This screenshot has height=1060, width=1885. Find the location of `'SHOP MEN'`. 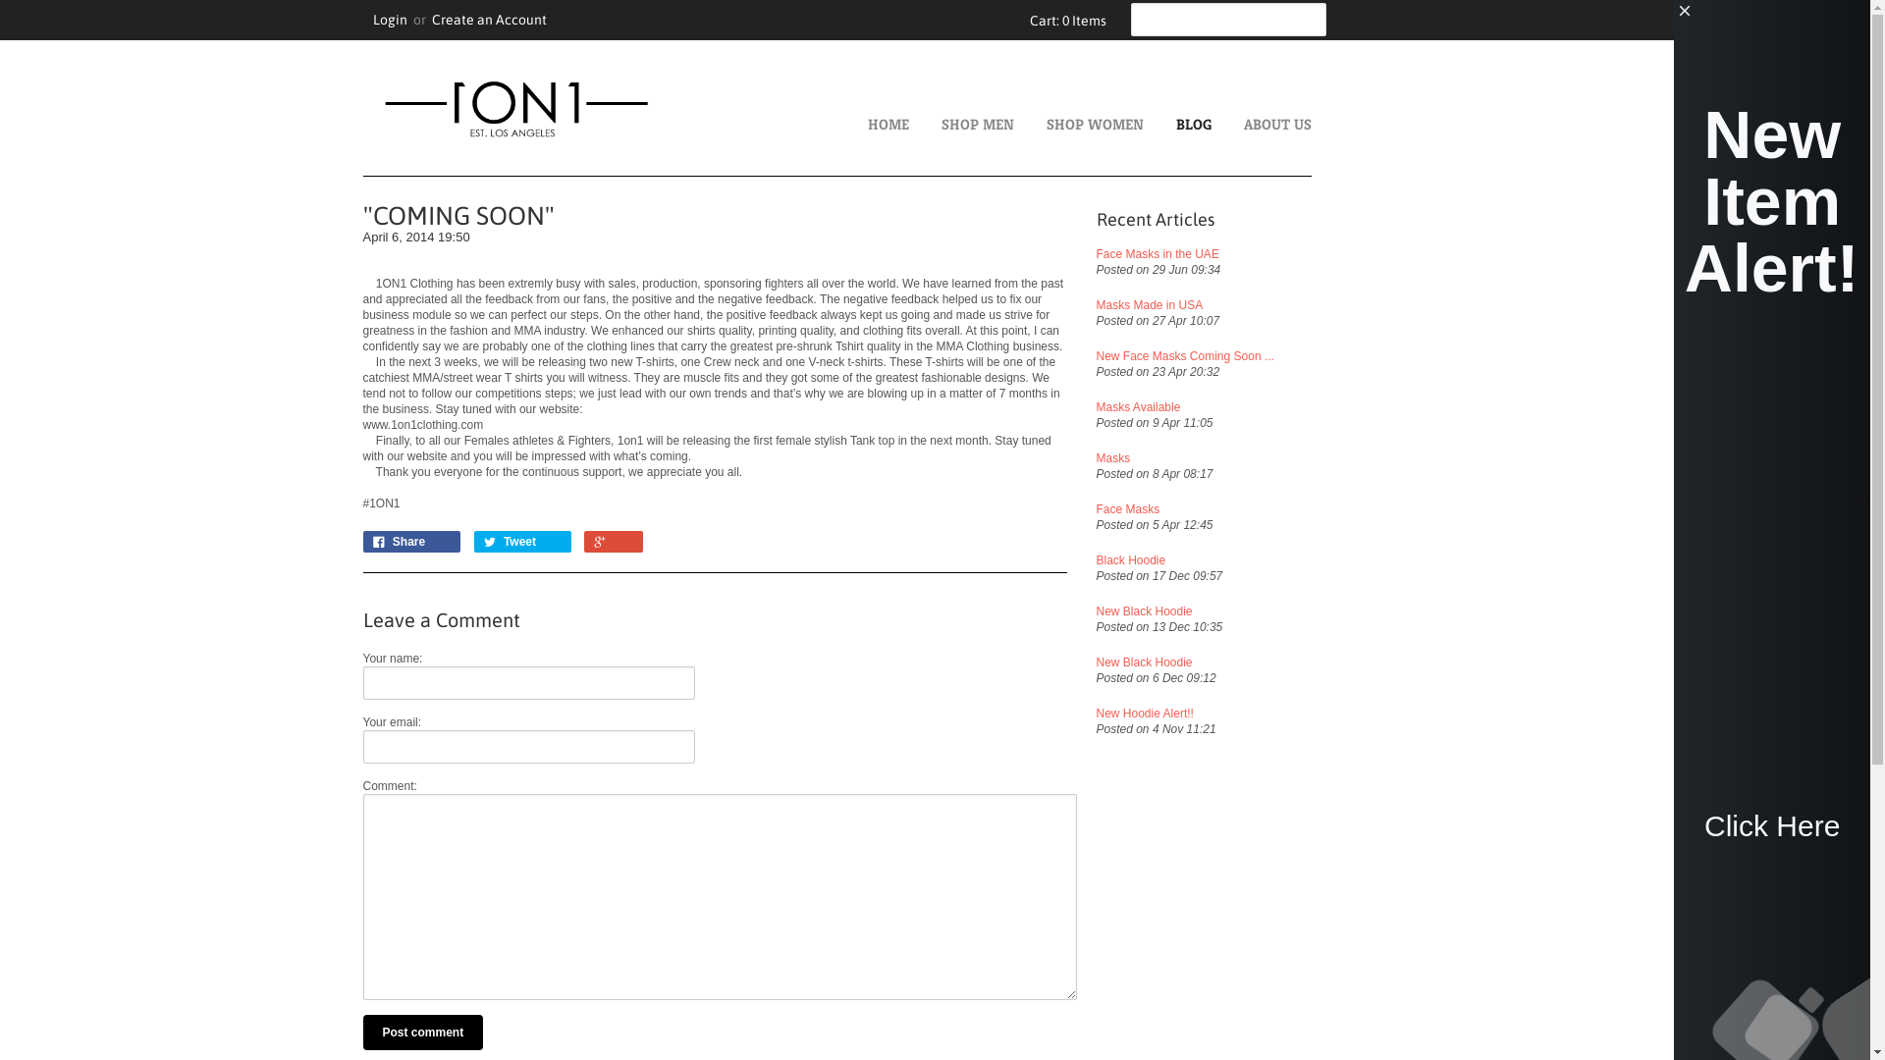

'SHOP MEN' is located at coordinates (1008, 125).